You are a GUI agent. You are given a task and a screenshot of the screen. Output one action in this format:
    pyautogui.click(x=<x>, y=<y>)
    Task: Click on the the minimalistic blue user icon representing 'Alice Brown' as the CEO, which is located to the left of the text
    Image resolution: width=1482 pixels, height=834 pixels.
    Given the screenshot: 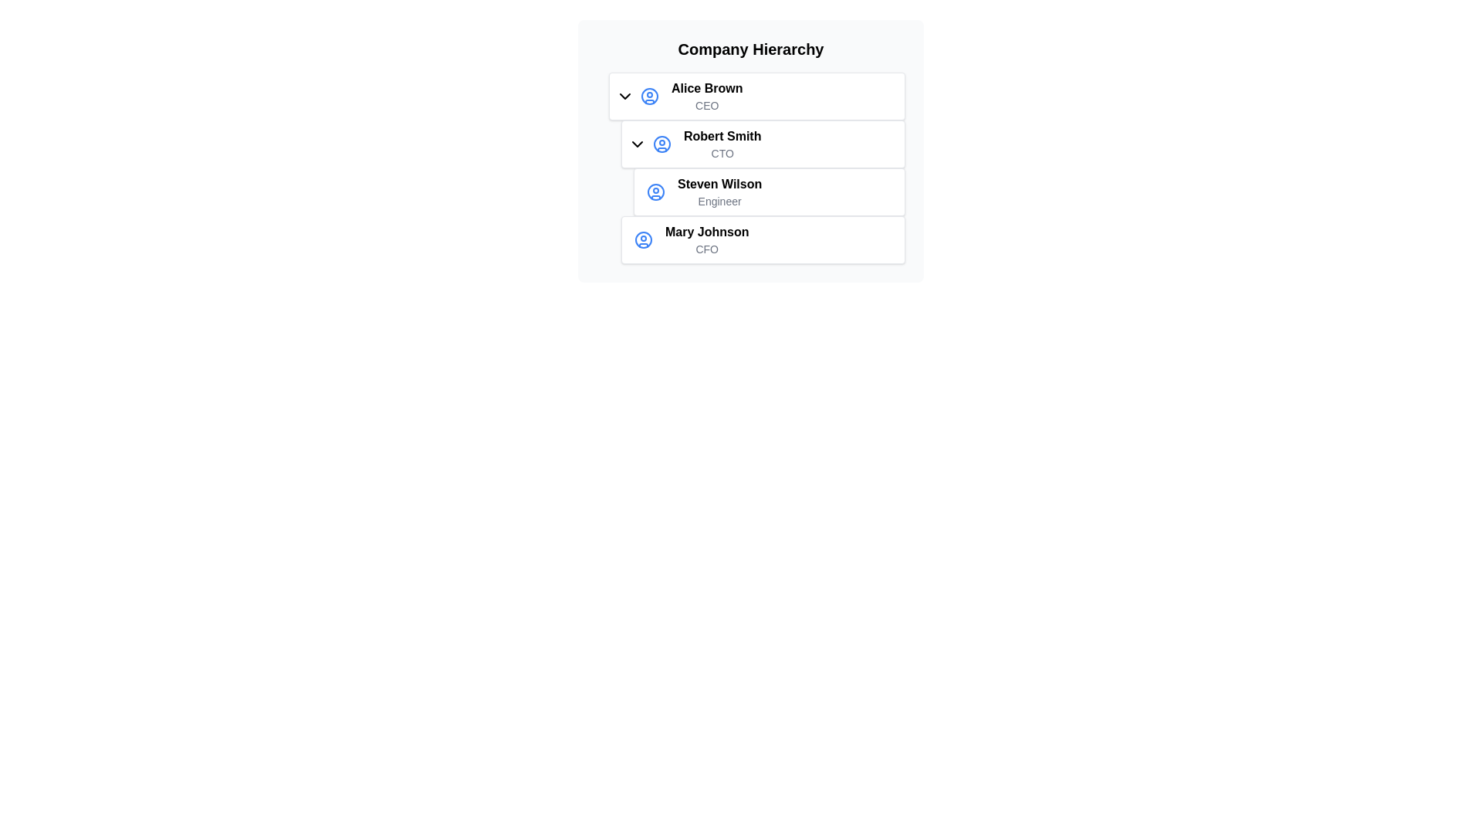 What is the action you would take?
    pyautogui.click(x=649, y=96)
    